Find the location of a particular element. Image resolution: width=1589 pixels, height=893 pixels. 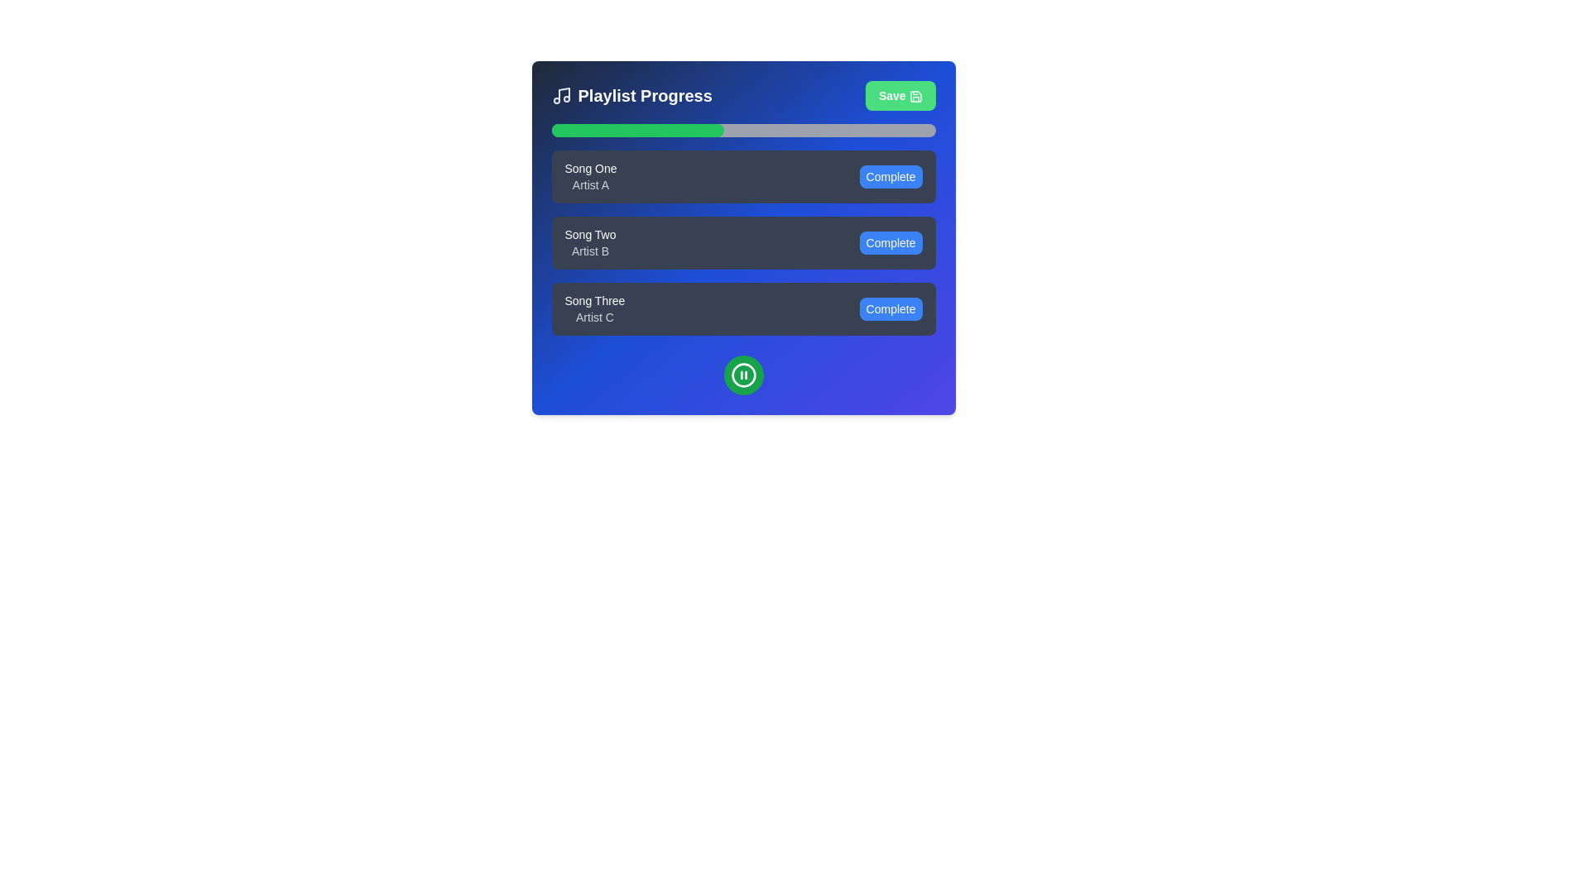

the circular playback control button located at the bottom center of the playlist progress interface is located at coordinates (742, 375).